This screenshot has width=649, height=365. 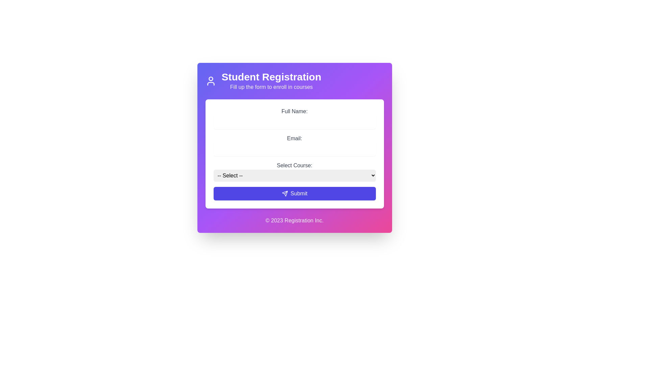 I want to click on the circular decorative graphical element within the SVG user icon, located at the top-left corner of the form header, adjacent to the 'Student Registration' title, so click(x=210, y=78).